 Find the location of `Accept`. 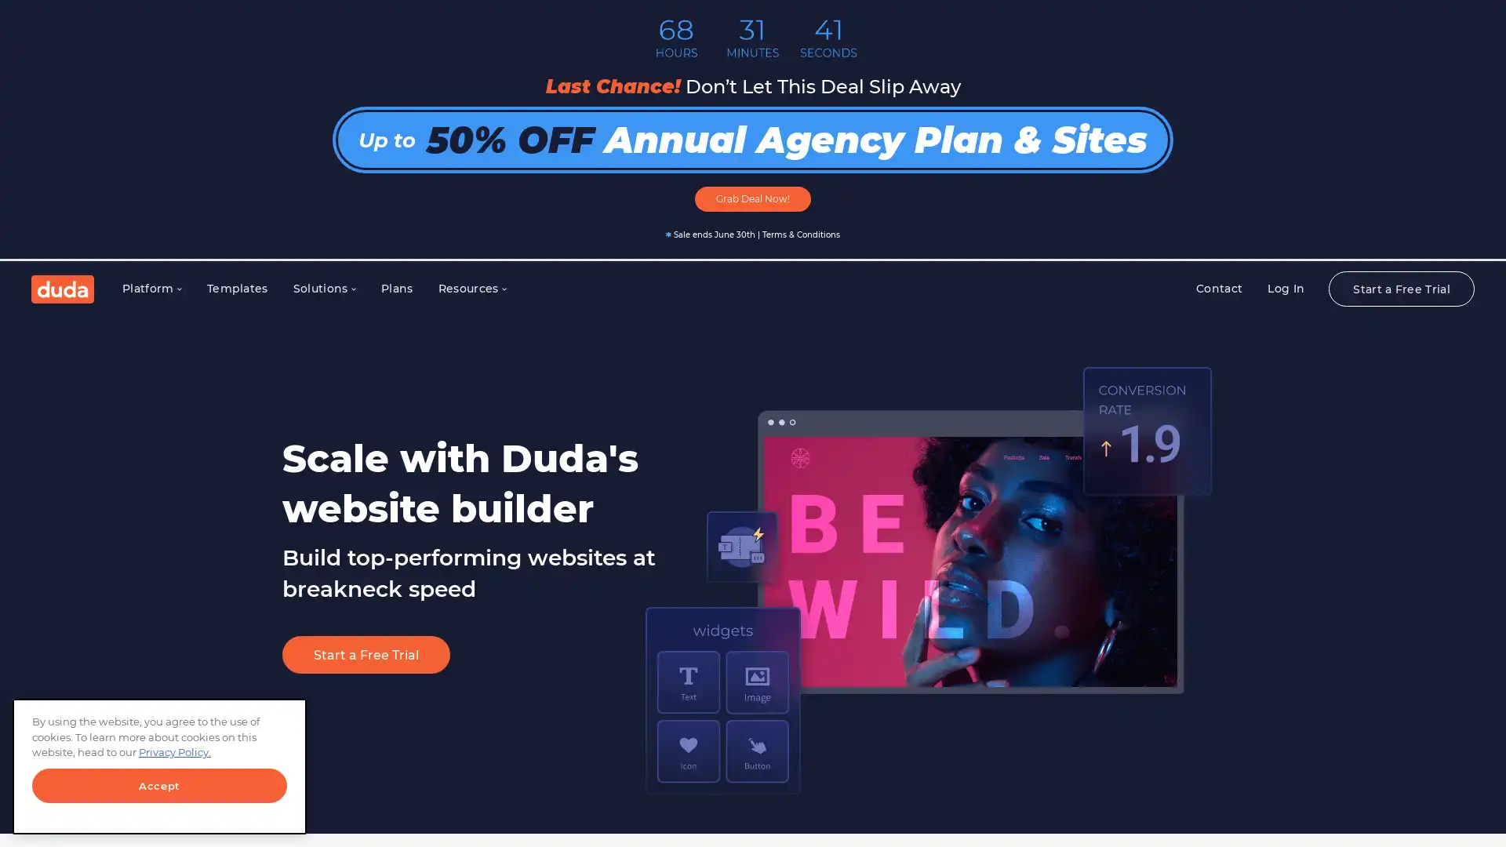

Accept is located at coordinates (159, 786).